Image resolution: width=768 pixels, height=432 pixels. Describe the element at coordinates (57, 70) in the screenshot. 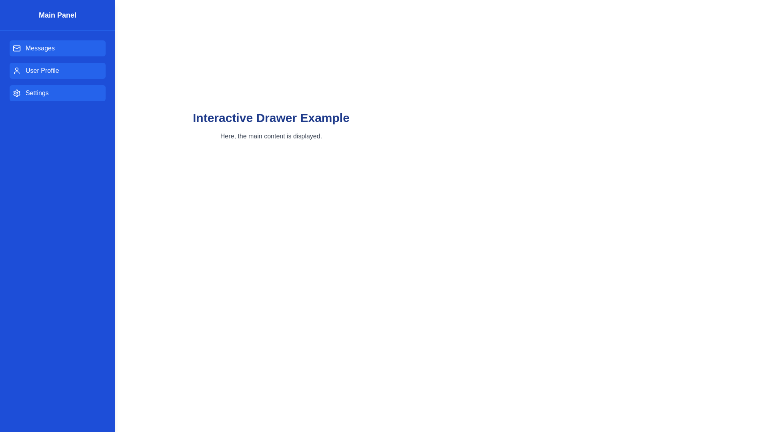

I see `the User Profile from the drawer menu` at that location.